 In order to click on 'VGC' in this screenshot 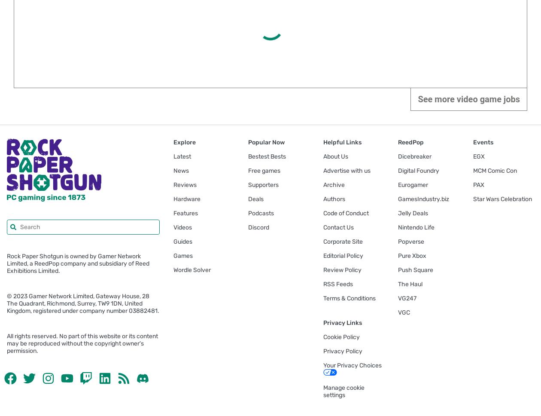, I will do `click(404, 312)`.